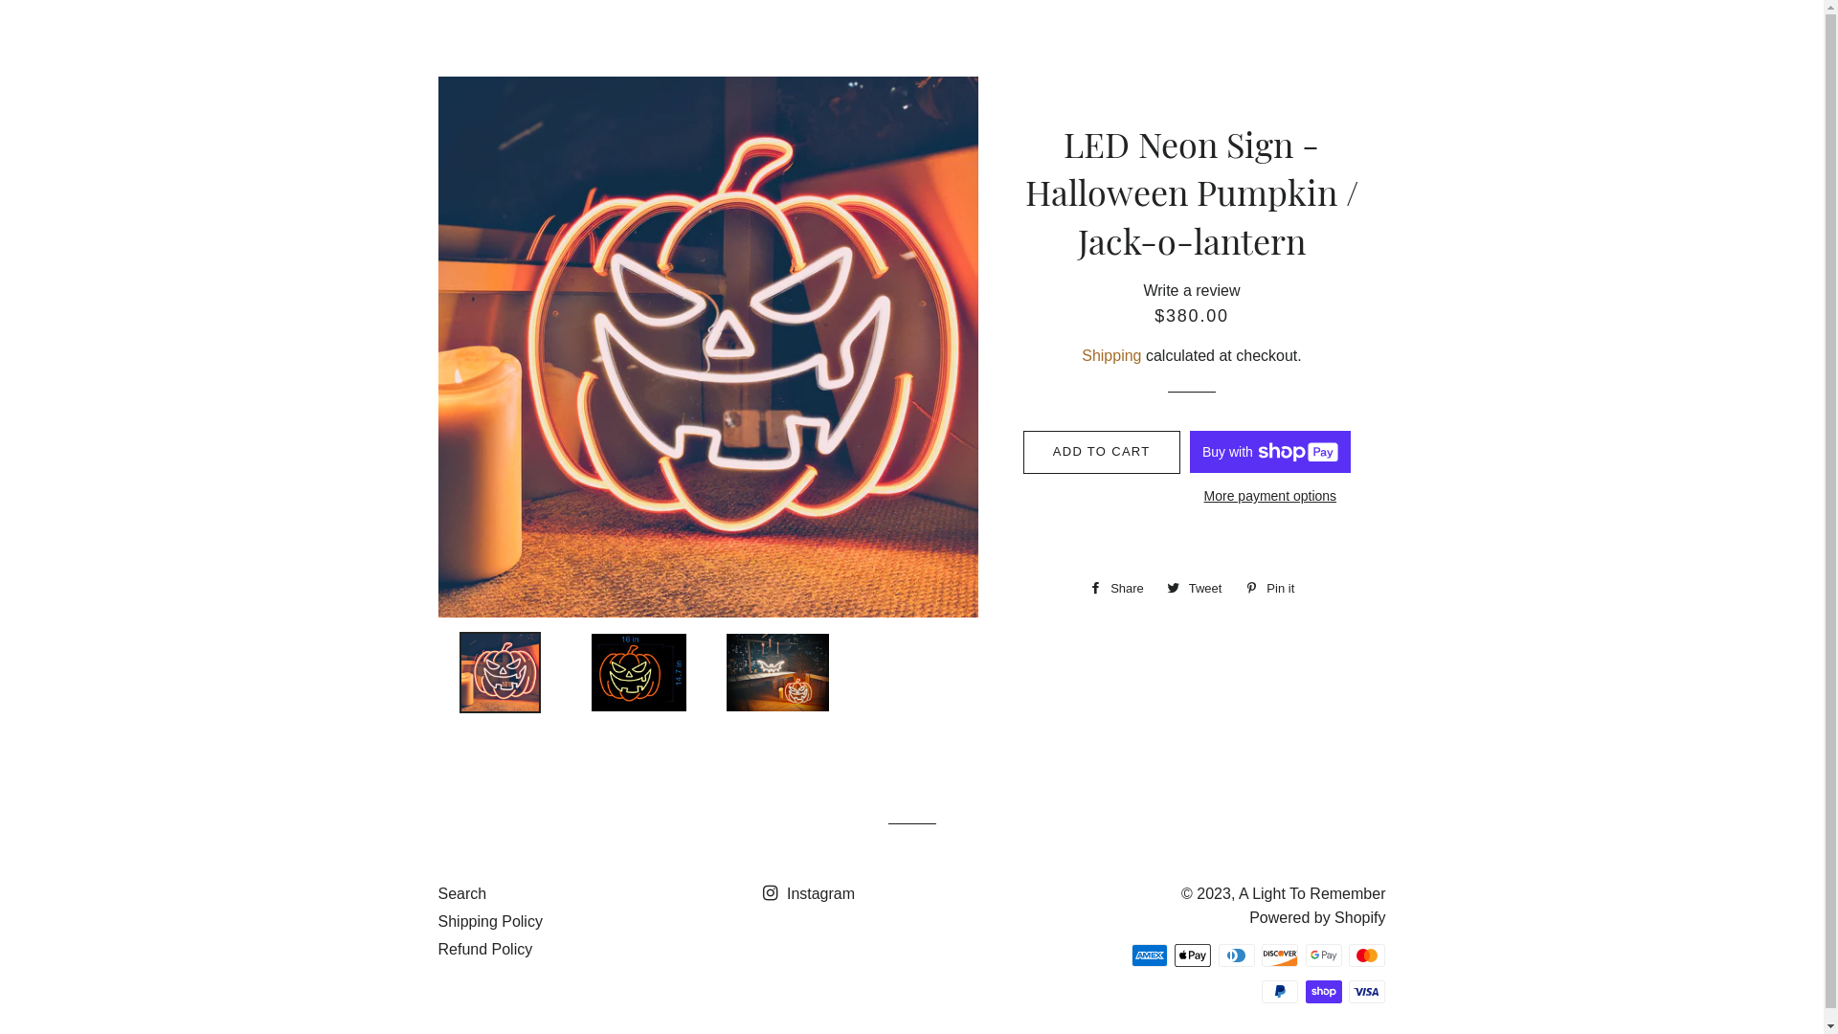  I want to click on 'Powered by Shopify', so click(1249, 916).